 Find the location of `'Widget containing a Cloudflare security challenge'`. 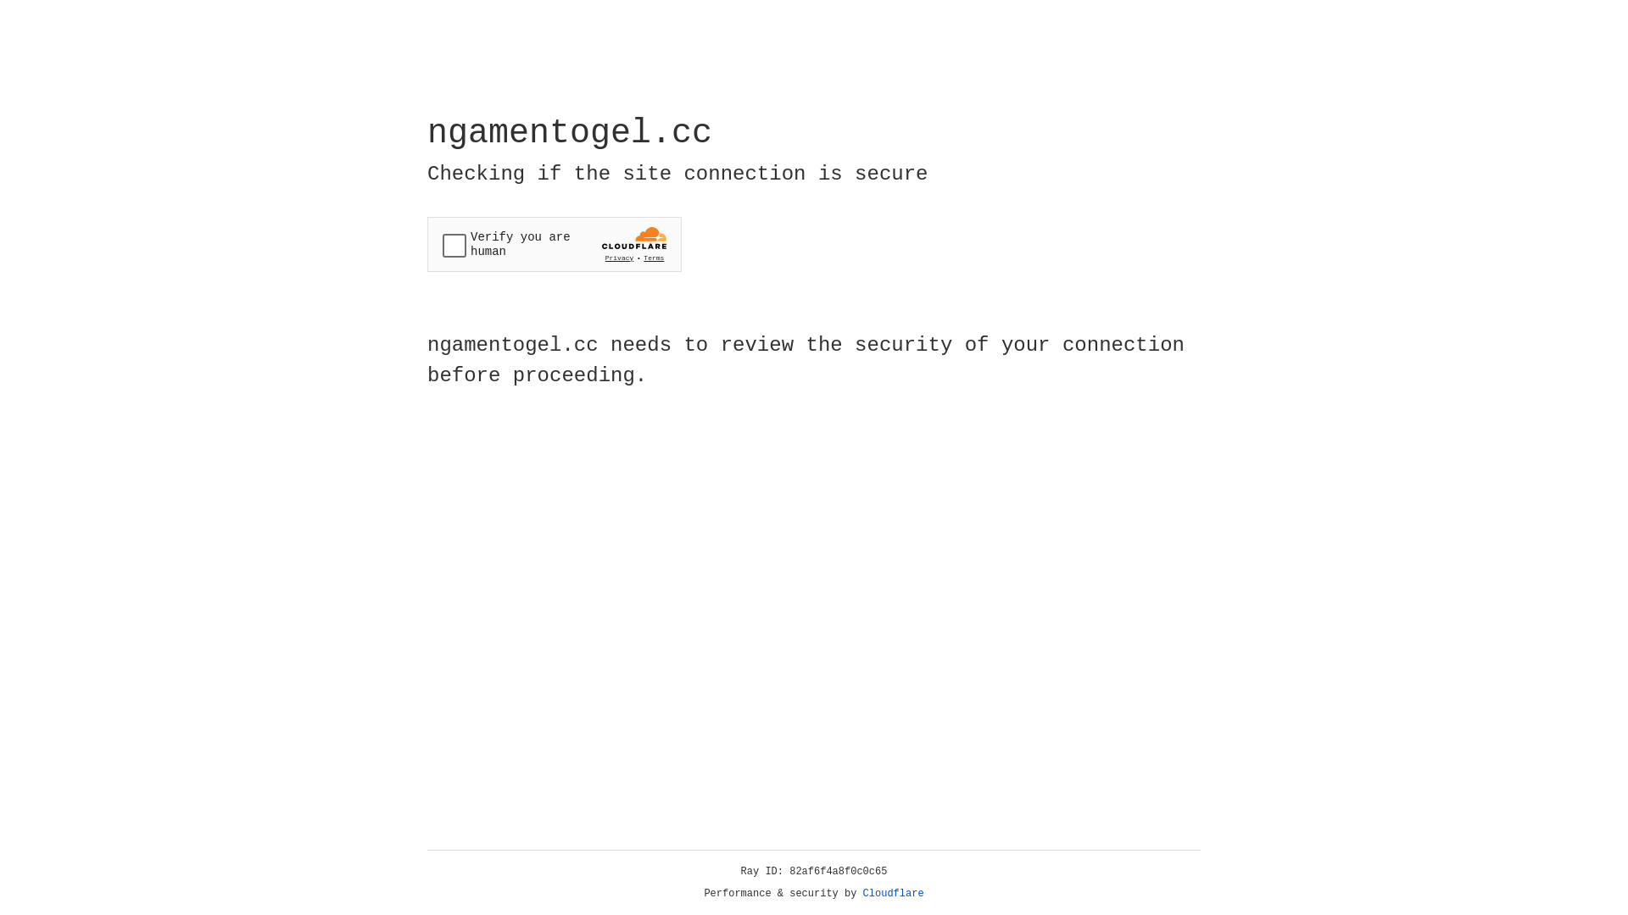

'Widget containing a Cloudflare security challenge' is located at coordinates (554, 244).